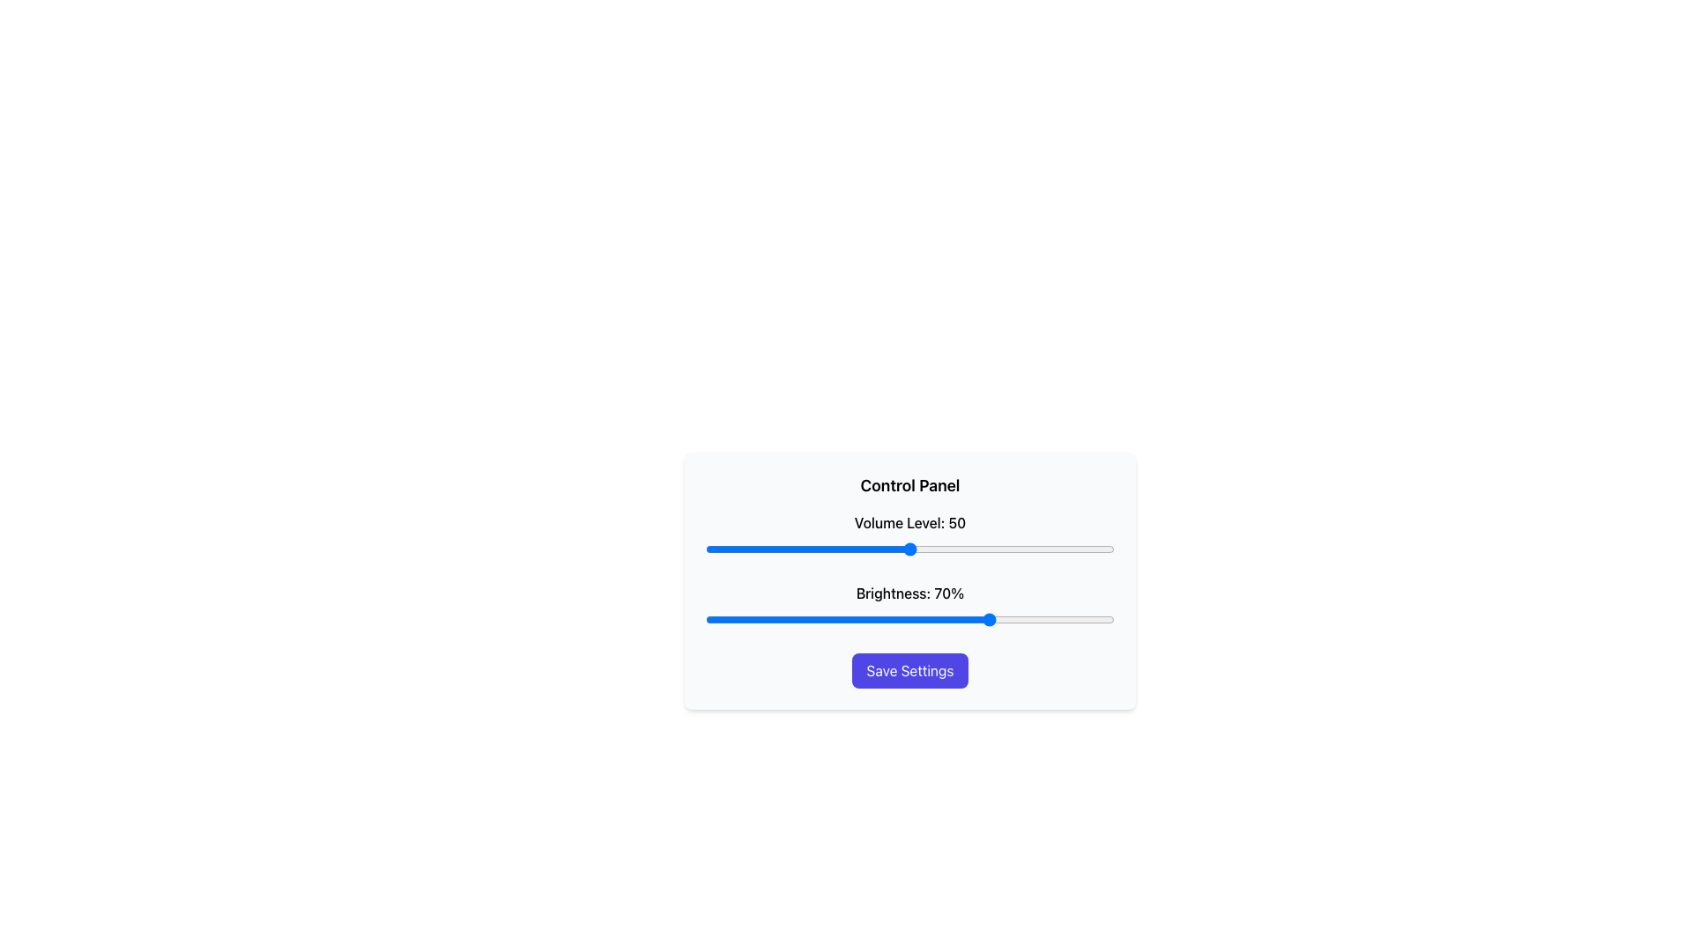 The height and width of the screenshot is (951, 1692). What do you see at coordinates (954, 549) in the screenshot?
I see `the volume level` at bounding box center [954, 549].